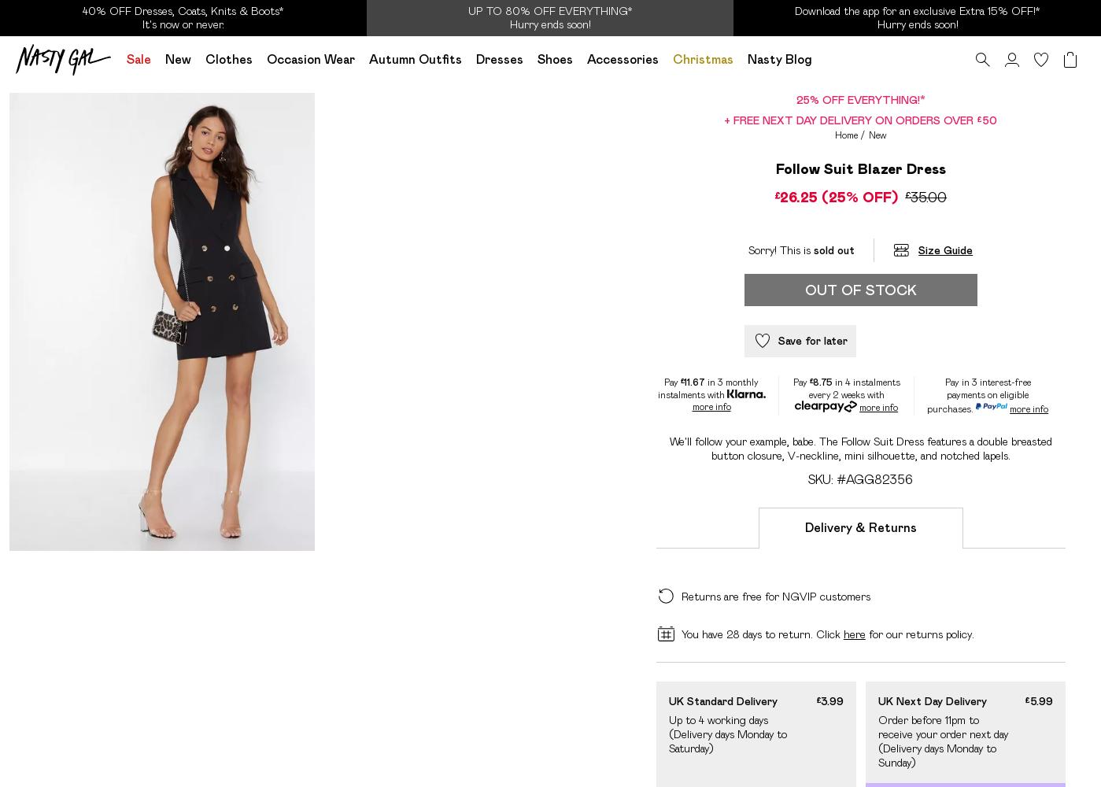  I want to click on '£8.75', so click(819, 380).